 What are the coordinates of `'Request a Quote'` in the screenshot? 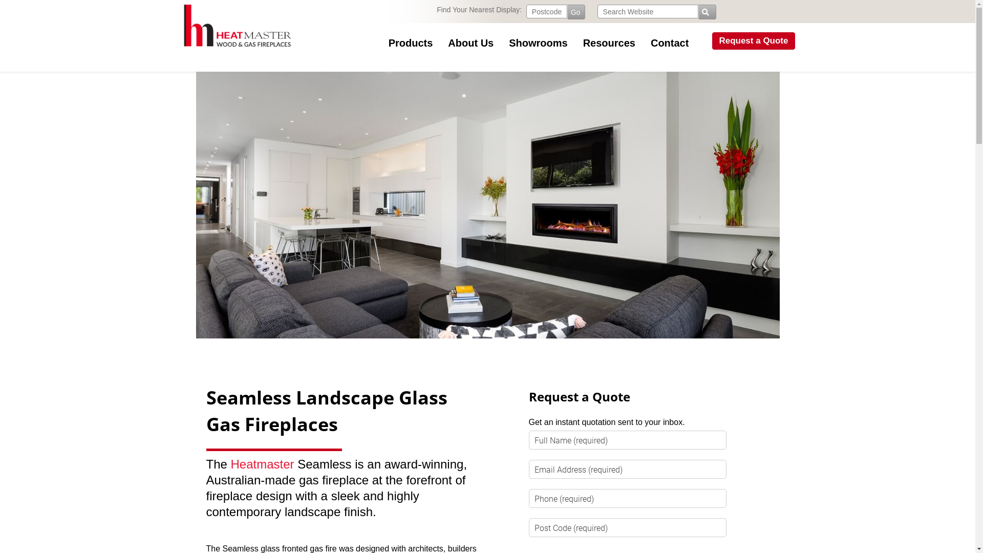 It's located at (741, 40).